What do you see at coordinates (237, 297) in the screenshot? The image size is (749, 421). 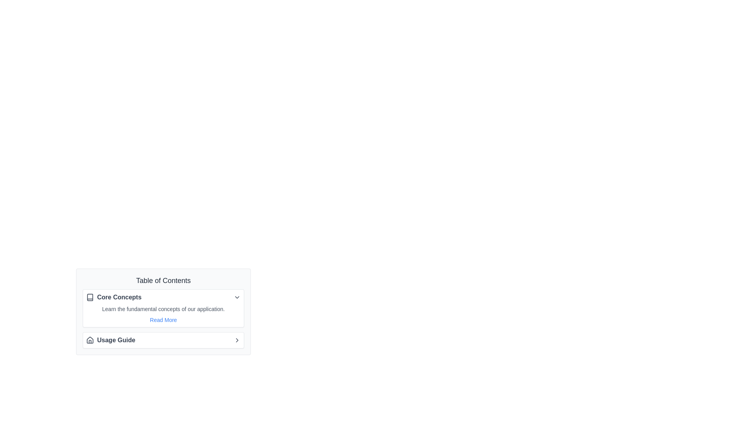 I see `the downward-facing chevron icon located next to the 'Core Concepts' text in the 'Table of Contents' section` at bounding box center [237, 297].